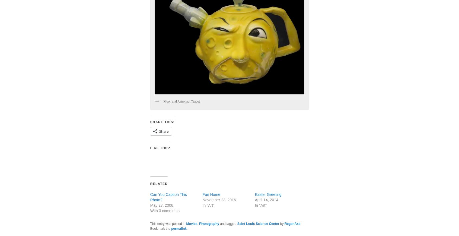 The image size is (459, 236). I want to click on 'and tagged', so click(228, 223).